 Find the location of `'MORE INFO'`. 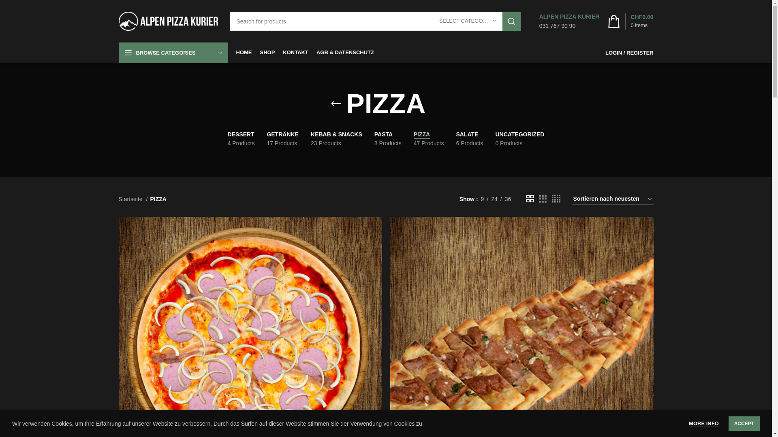

'MORE INFO' is located at coordinates (703, 423).